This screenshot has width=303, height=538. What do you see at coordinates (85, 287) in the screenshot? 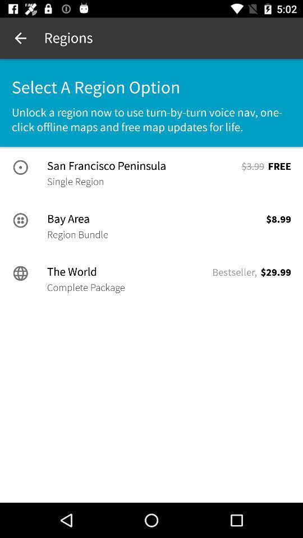
I see `the item next to bestseller, icon` at bounding box center [85, 287].